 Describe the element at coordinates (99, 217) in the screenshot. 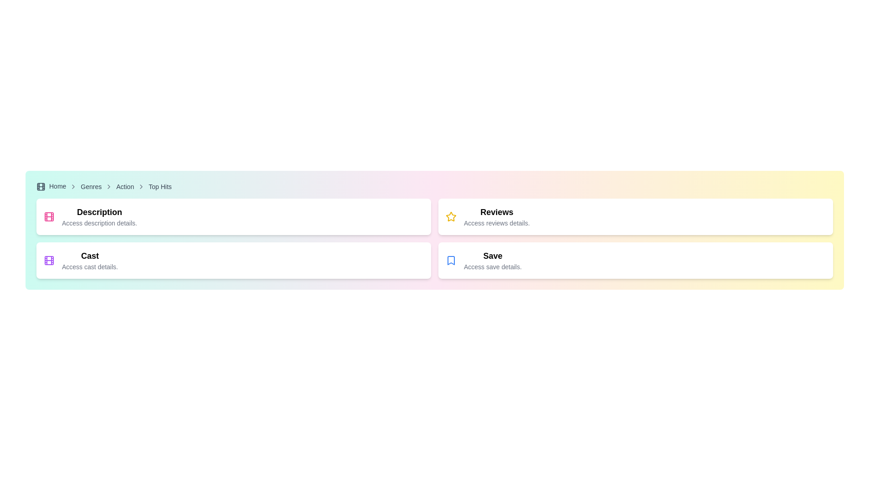

I see `the text-based UI component labeled 'Description' with a muted text below it saying 'Access description details.' located in the upper-left quadrant of the interface` at that location.